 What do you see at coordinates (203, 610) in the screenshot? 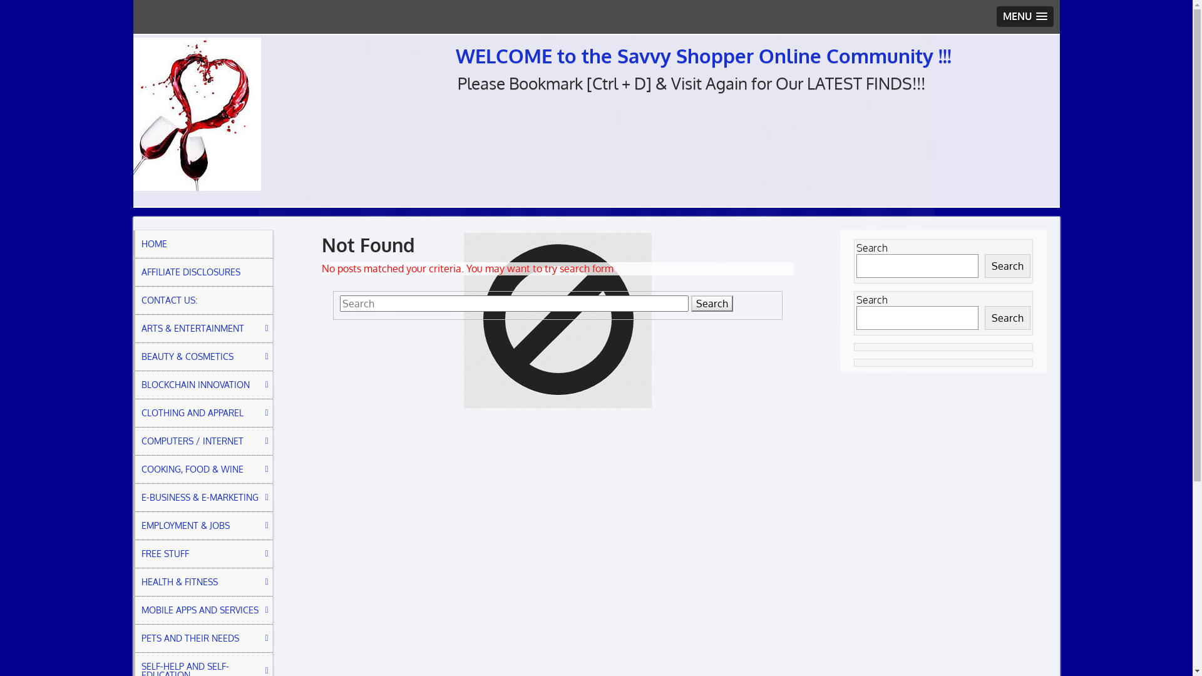
I see `'MOBILE APPS AND SERVICES'` at bounding box center [203, 610].